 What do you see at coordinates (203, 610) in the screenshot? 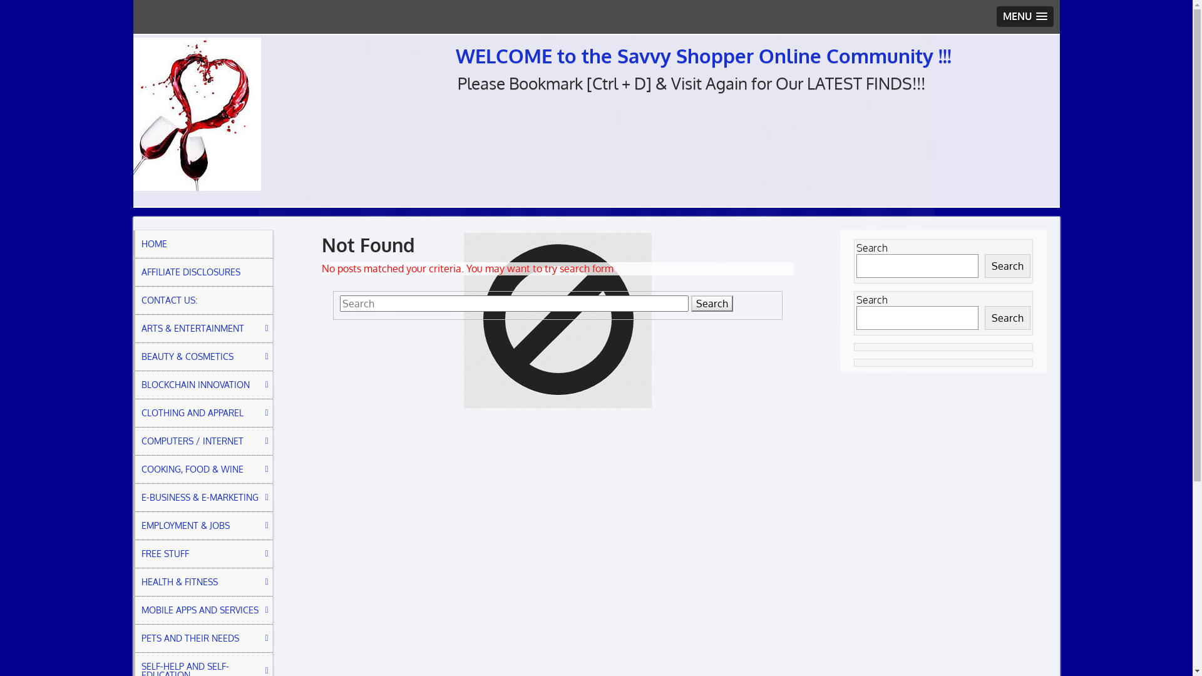
I see `'MOBILE APPS AND SERVICES'` at bounding box center [203, 610].